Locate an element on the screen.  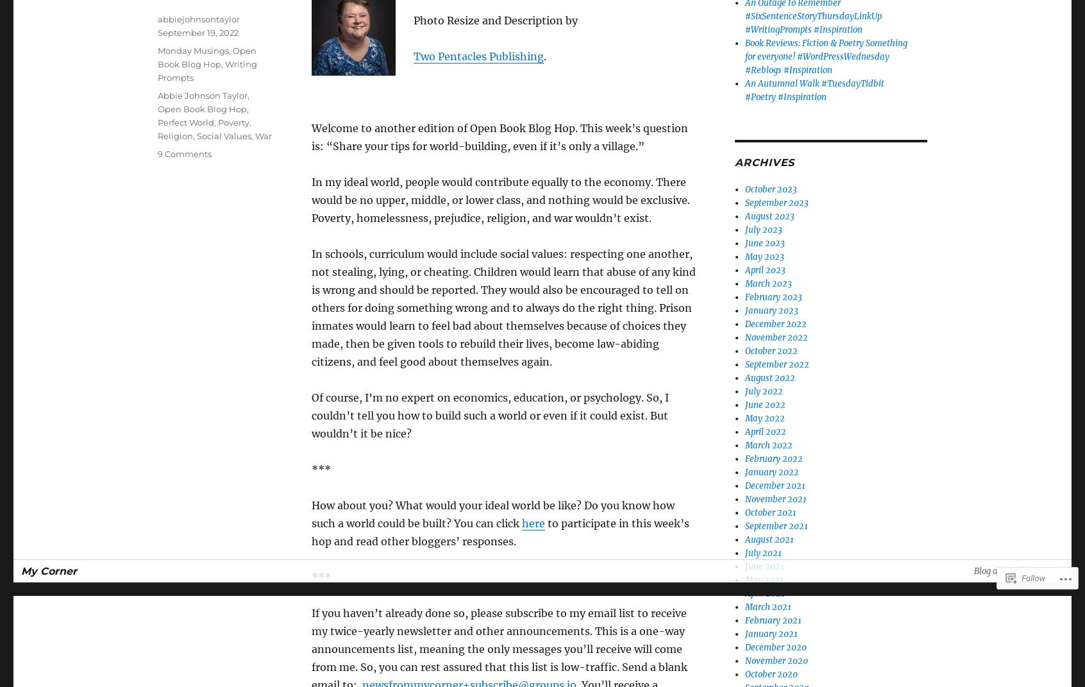
'Two Pentacles Publishing' is located at coordinates (413, 56).